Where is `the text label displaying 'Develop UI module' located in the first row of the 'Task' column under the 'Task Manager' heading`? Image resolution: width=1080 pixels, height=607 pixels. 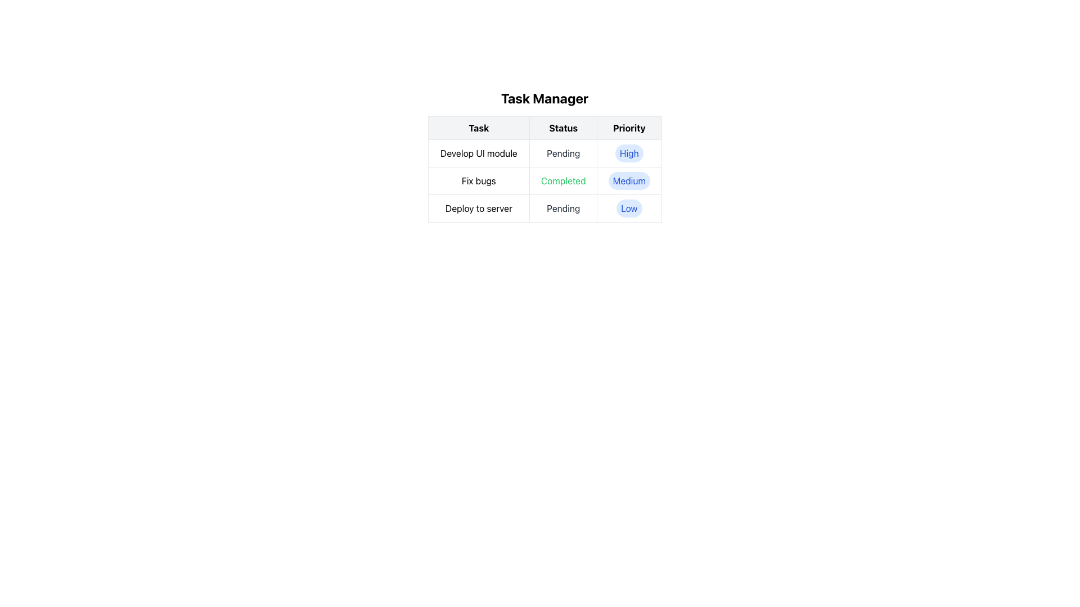
the text label displaying 'Develop UI module' located in the first row of the 'Task' column under the 'Task Manager' heading is located at coordinates (479, 153).